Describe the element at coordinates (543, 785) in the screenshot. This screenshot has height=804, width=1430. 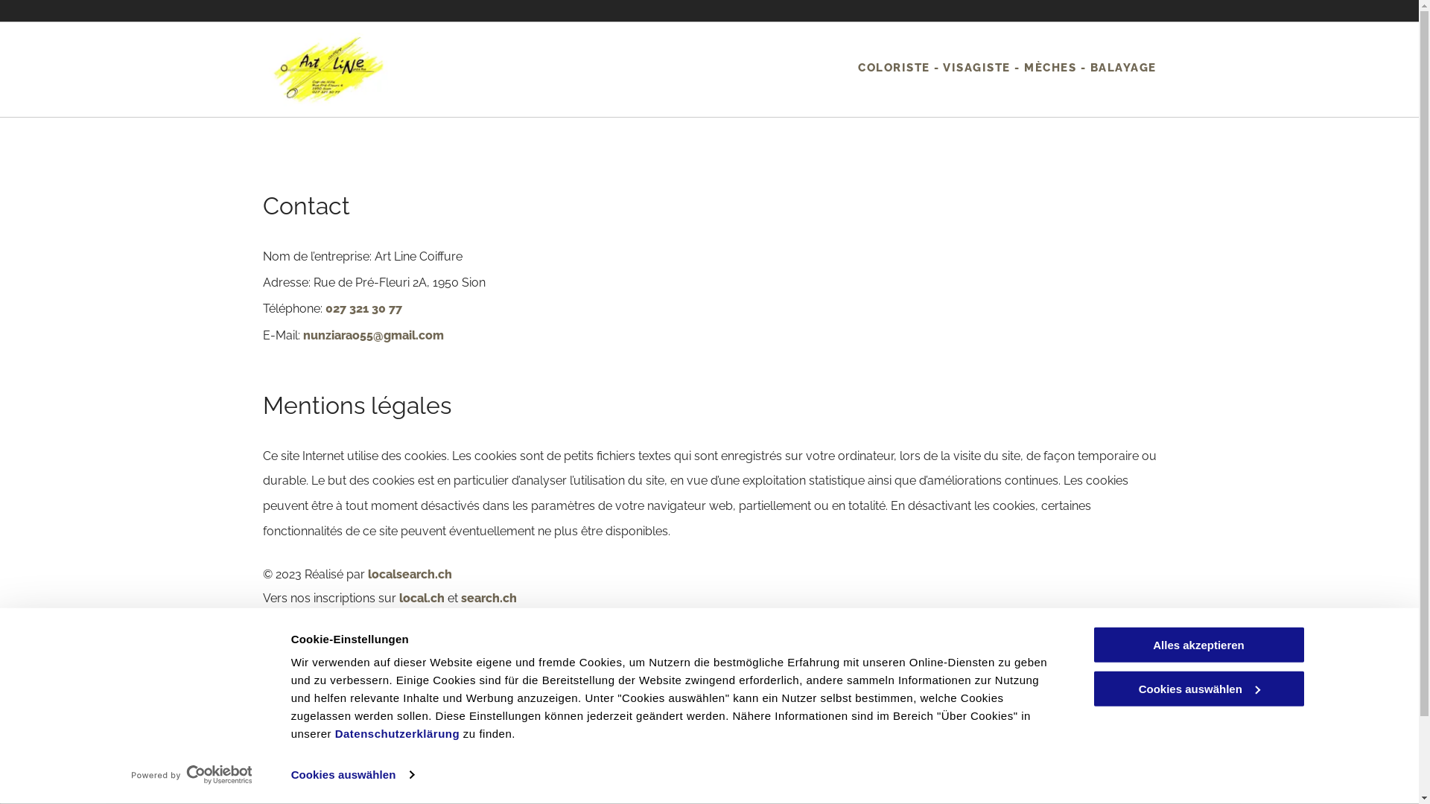
I see `'nunziarao55@gmail.com'` at that location.